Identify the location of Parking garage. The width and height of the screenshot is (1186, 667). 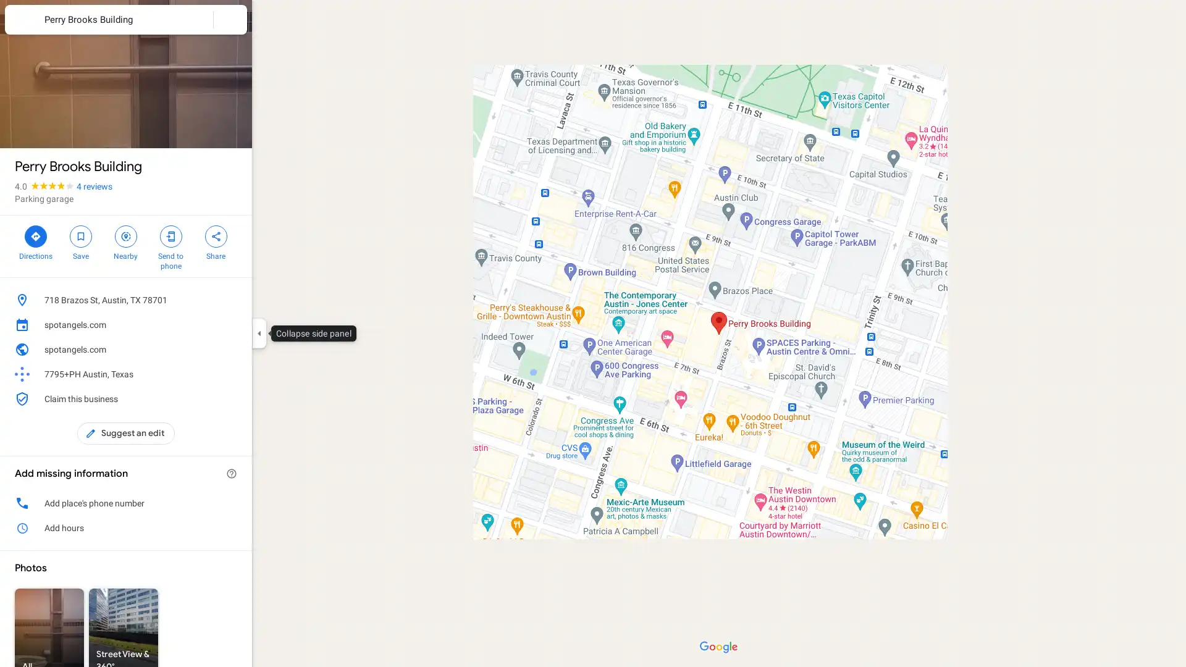
(44, 198).